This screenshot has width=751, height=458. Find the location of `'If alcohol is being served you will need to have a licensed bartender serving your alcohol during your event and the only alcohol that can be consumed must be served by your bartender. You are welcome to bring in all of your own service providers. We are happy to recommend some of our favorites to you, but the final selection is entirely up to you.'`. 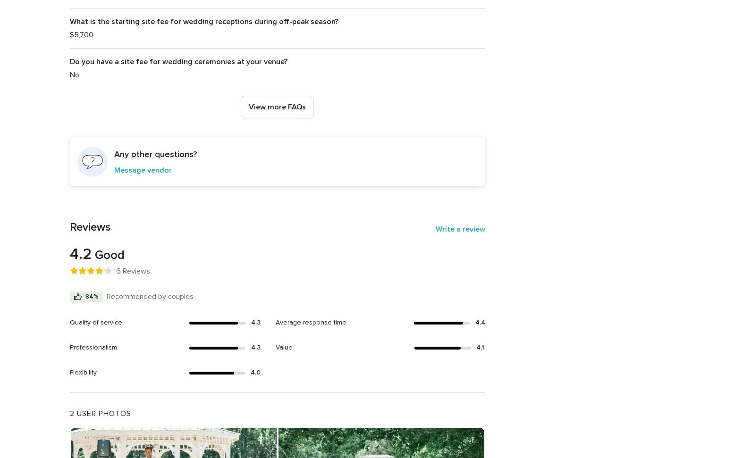

'If alcohol is being served you will need to have a licensed bartender serving your alcohol during your event and the only alcohol that can be consumed must be served by your bartender. You are welcome to bring in all of your own service providers. We are happy to recommend some of our favorites to you, but the final selection is entirely up to you.' is located at coordinates (69, 89).